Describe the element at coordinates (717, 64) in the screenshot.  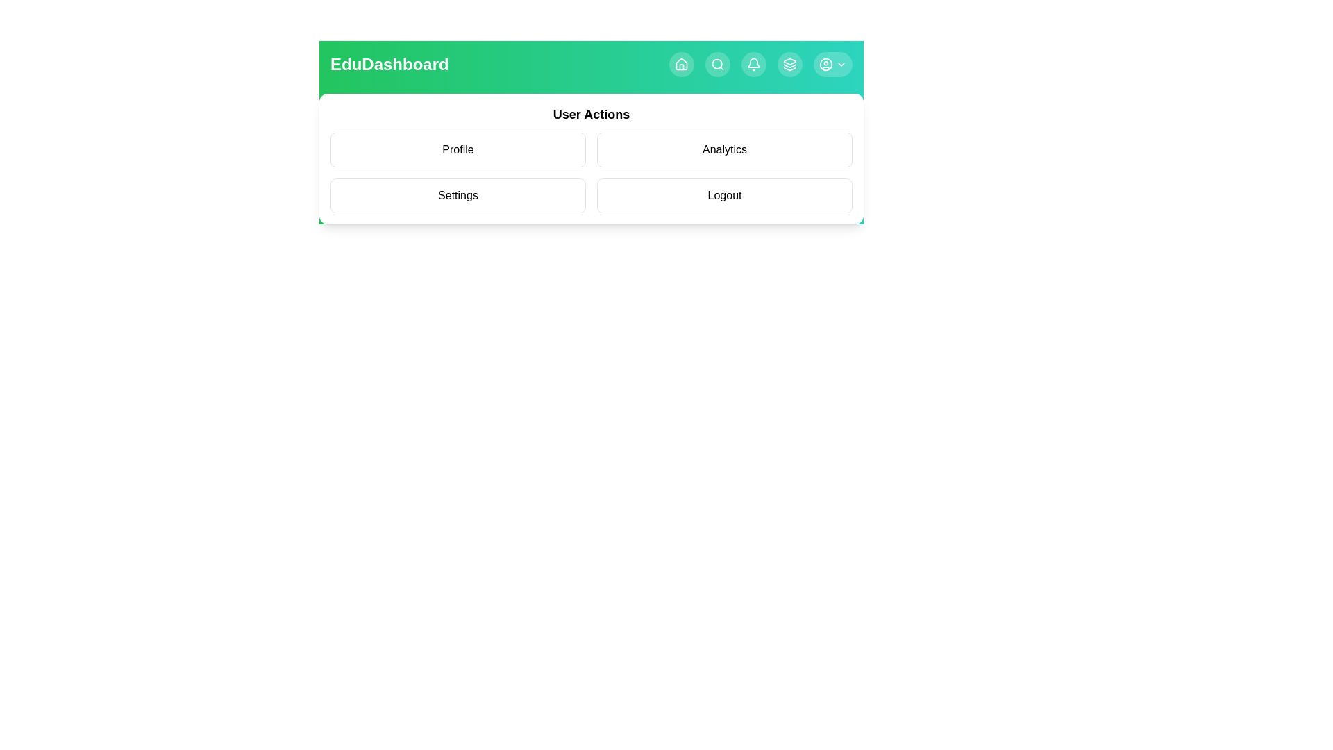
I see `the navigation button Search` at that location.